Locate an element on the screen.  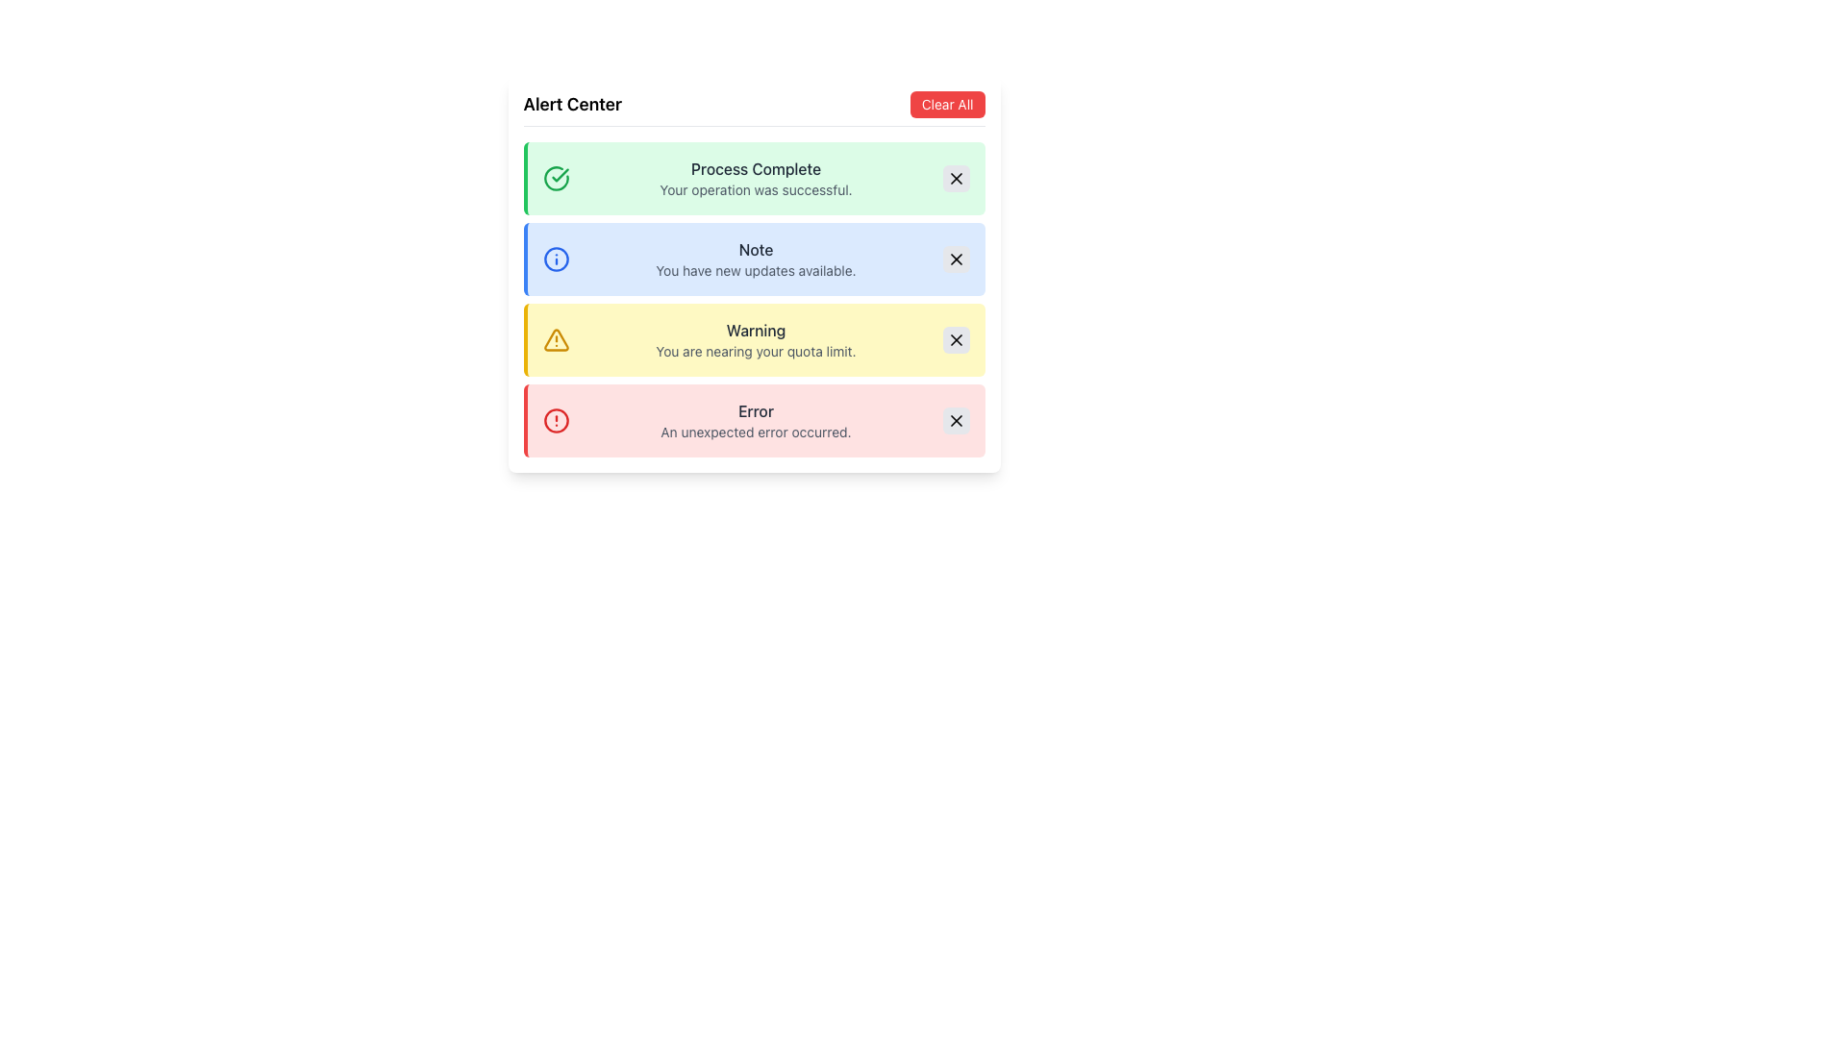
the second 'X' icon button from the top in the alert component is located at coordinates (956, 259).